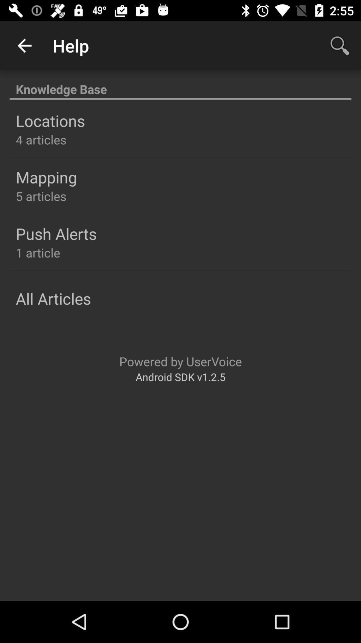  Describe the element at coordinates (340, 45) in the screenshot. I see `the item above knowledge base` at that location.